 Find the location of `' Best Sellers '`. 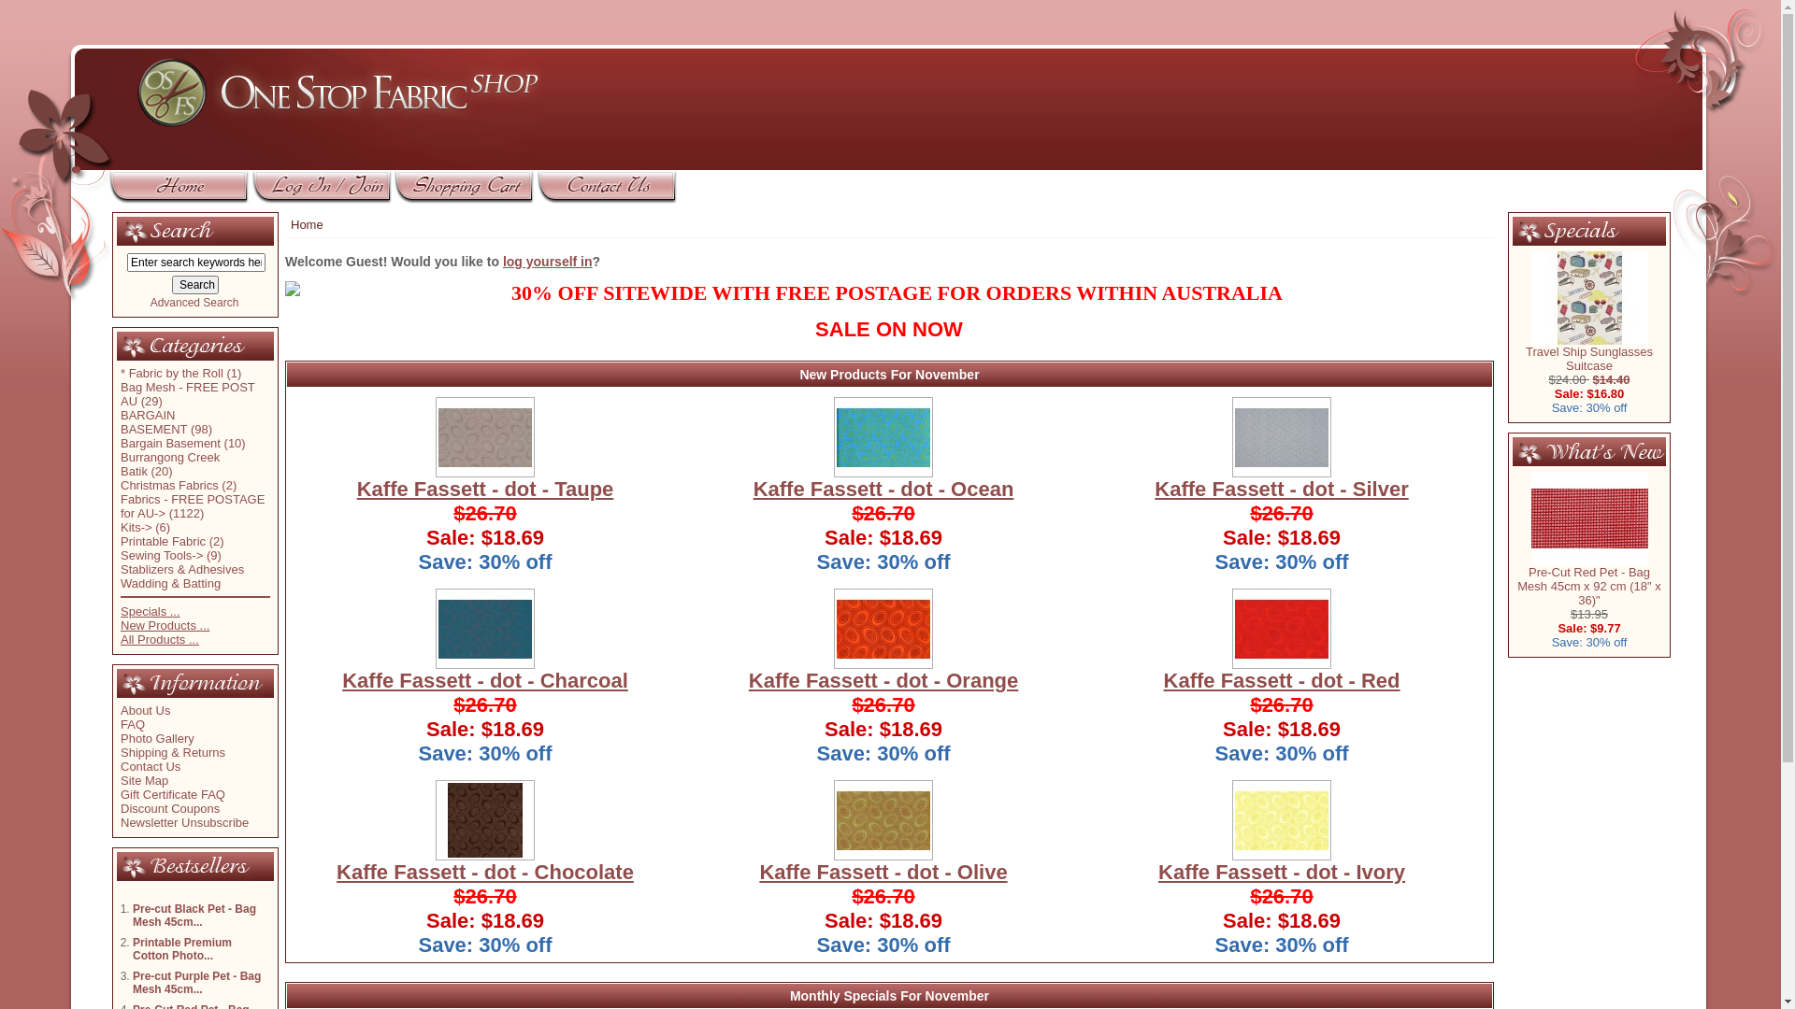

' Best Sellers ' is located at coordinates (115, 866).